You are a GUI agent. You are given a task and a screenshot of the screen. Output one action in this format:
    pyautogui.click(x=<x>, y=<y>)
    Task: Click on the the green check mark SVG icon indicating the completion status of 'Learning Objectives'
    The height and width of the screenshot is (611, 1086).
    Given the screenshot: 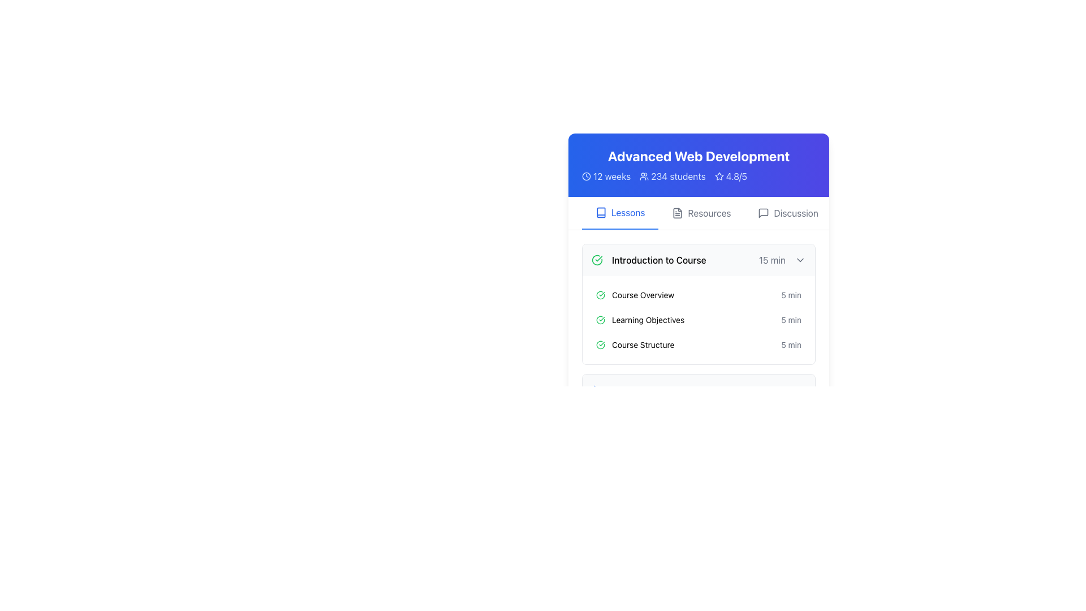 What is the action you would take?
    pyautogui.click(x=600, y=320)
    